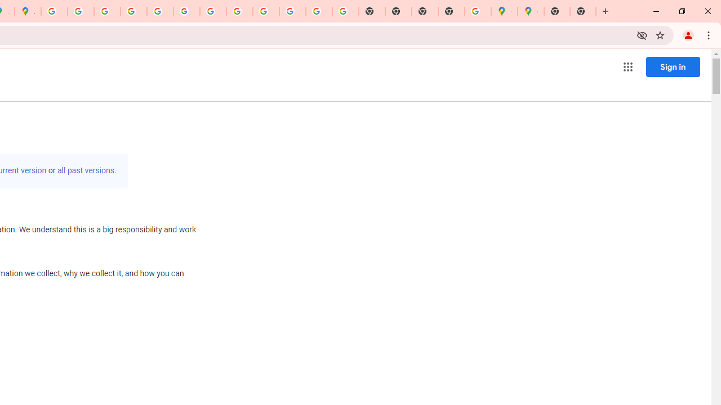 The height and width of the screenshot is (405, 721). What do you see at coordinates (530, 11) in the screenshot?
I see `'Google Maps'` at bounding box center [530, 11].